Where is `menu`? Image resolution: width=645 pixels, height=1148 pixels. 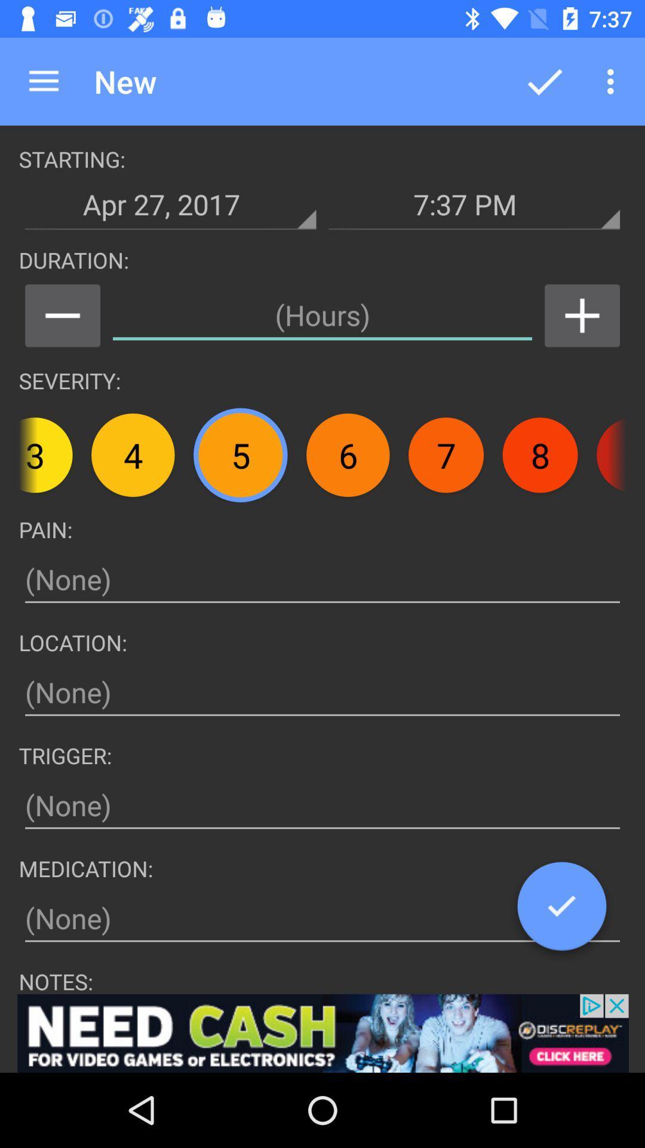
menu is located at coordinates (62, 316).